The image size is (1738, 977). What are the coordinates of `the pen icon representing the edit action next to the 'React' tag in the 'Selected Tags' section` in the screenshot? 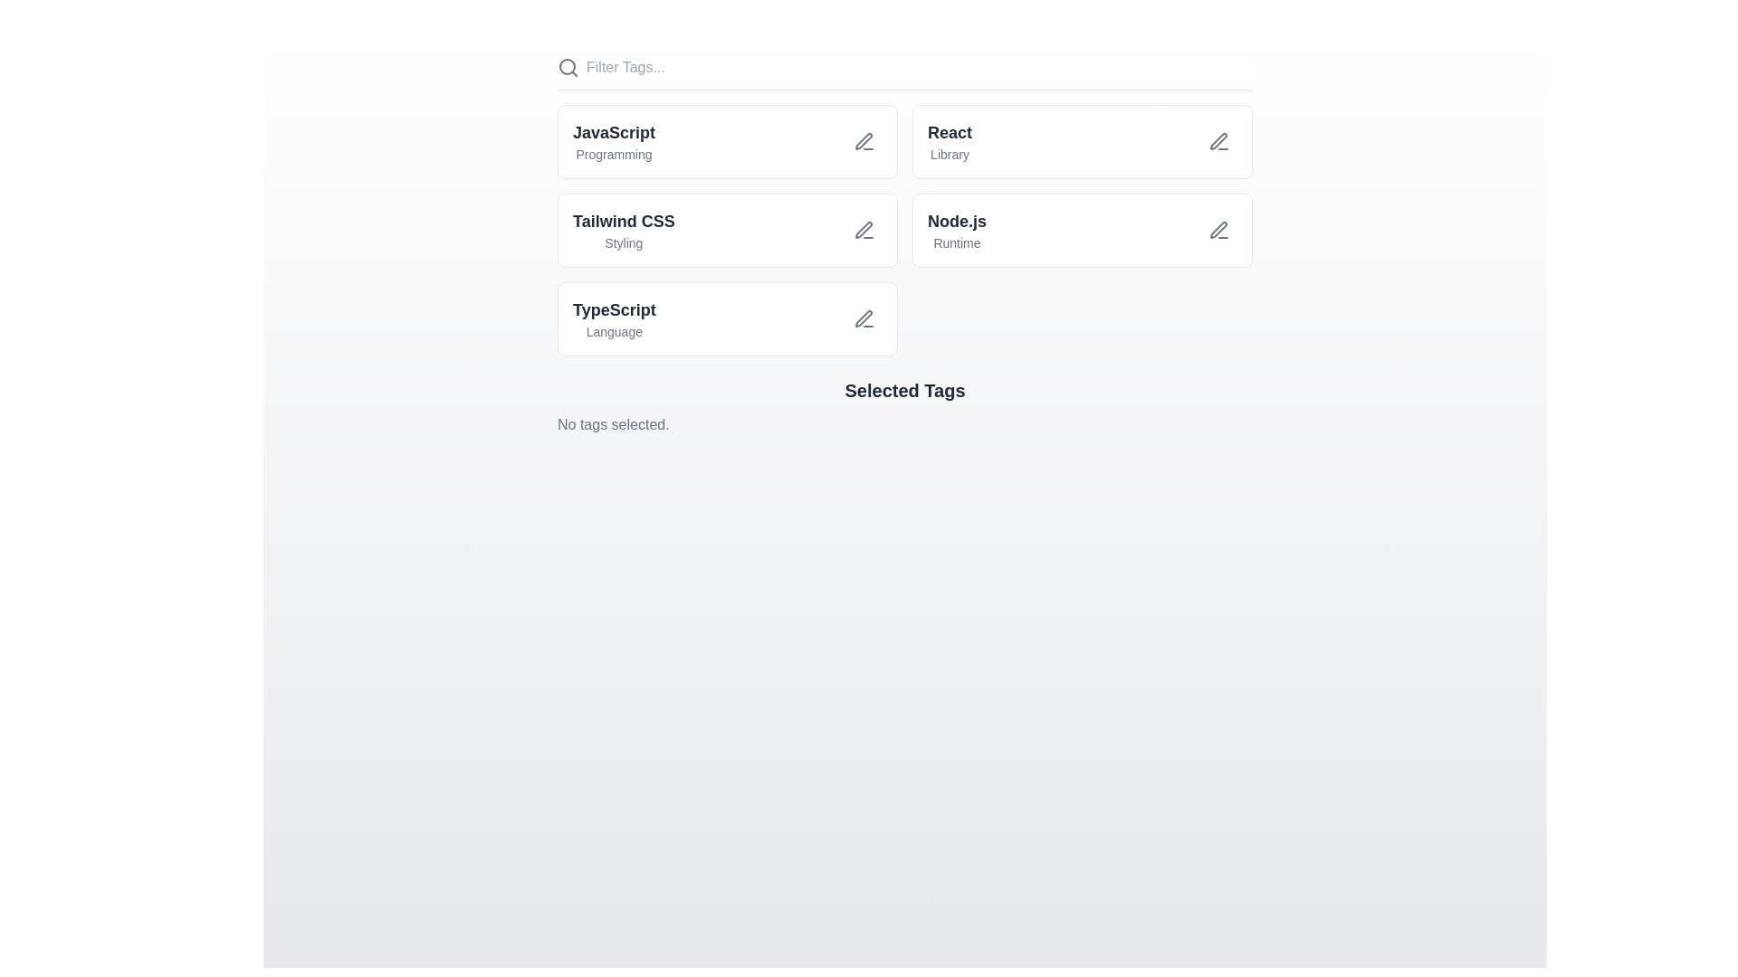 It's located at (1218, 140).